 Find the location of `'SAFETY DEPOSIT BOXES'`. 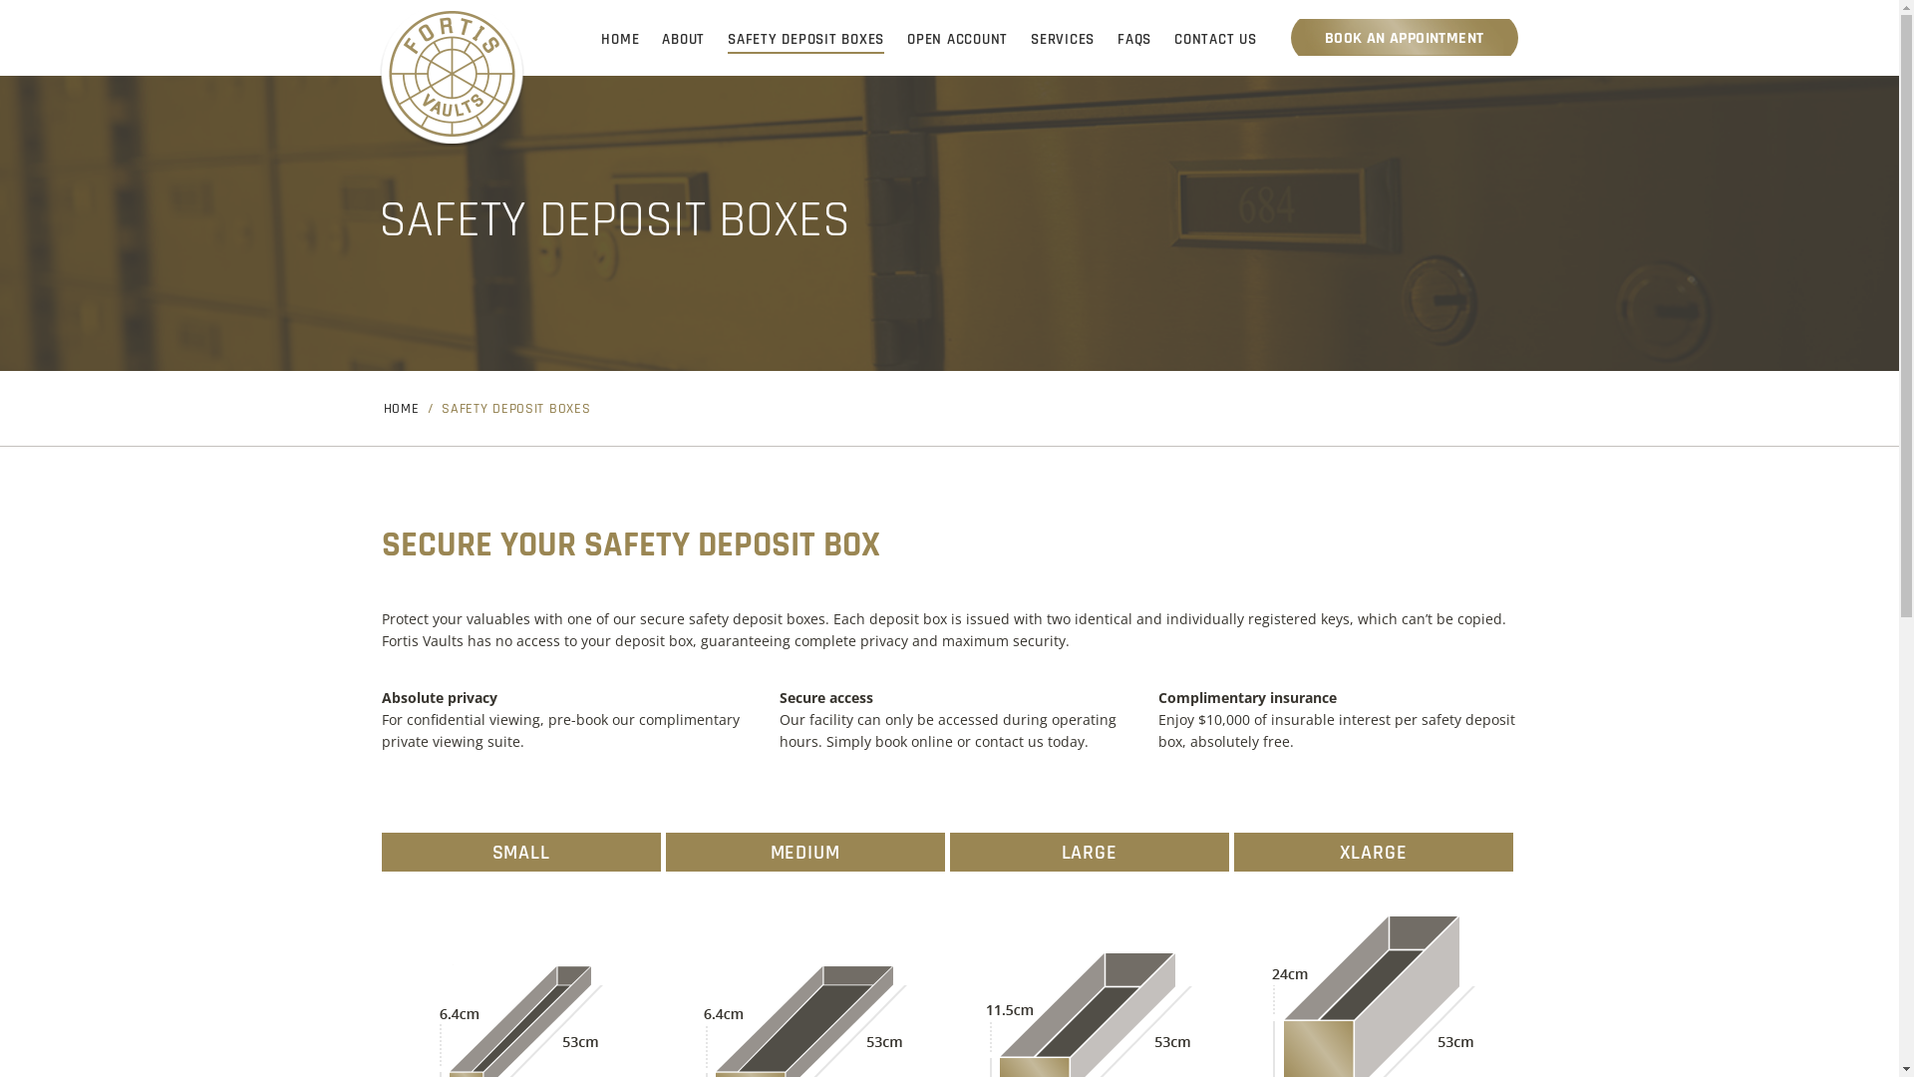

'SAFETY DEPOSIT BOXES' is located at coordinates (805, 39).